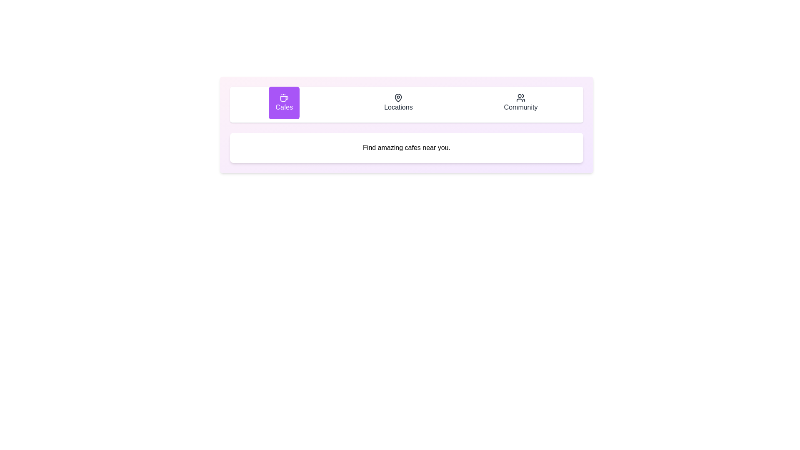  Describe the element at coordinates (520, 107) in the screenshot. I see `the last text label in the navigation menu that likely leads to a community-oriented page or section` at that location.